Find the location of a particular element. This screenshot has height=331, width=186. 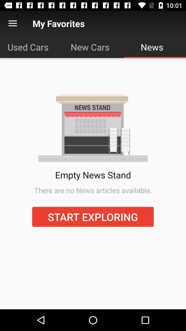

the menu option is located at coordinates (12, 23).